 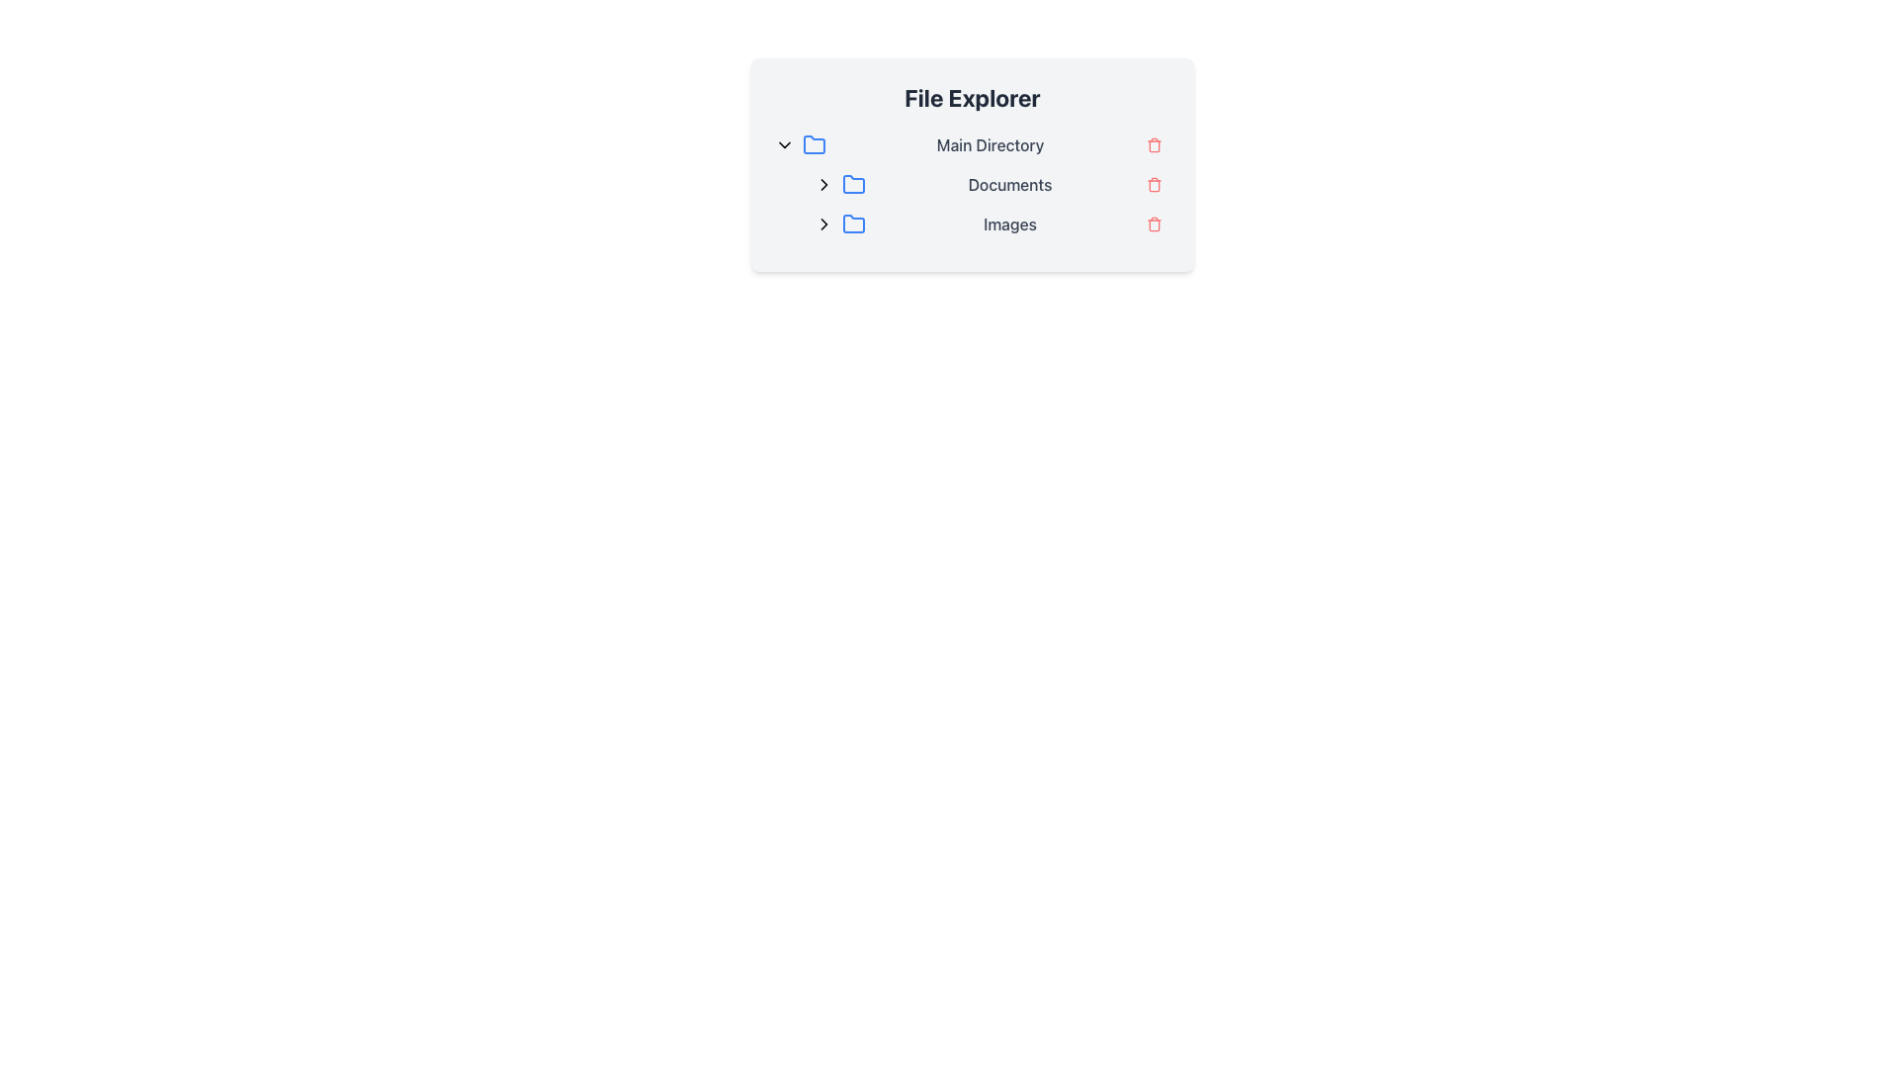 I want to click on the folder icon representing the 'Images' directory, located in the third row of the file listing under 'File Explorer', to the left of the 'Images' label, so click(x=854, y=222).